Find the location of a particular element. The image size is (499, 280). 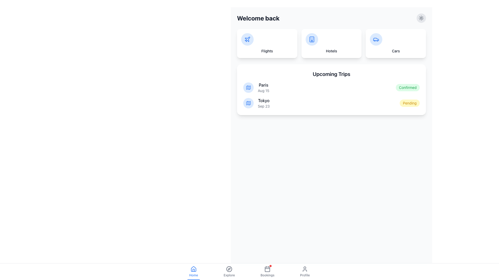

the informational text in the 'Upcoming Trips' section that displays details of the trip, specifically the first row above the entry for 'Tokyo', which has a green 'Confirmed' badge to its right is located at coordinates (256, 87).